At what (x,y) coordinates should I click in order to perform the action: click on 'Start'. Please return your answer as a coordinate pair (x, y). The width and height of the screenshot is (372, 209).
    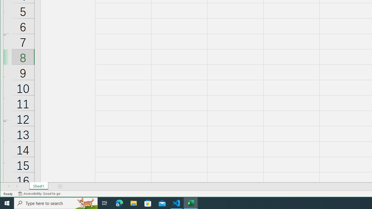
    Looking at the image, I should click on (7, 203).